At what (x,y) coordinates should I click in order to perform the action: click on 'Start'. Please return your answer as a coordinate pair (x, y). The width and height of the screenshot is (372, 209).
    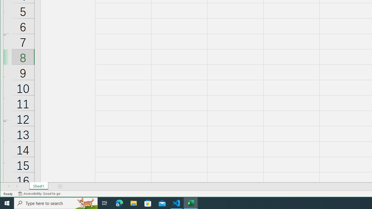
    Looking at the image, I should click on (7, 203).